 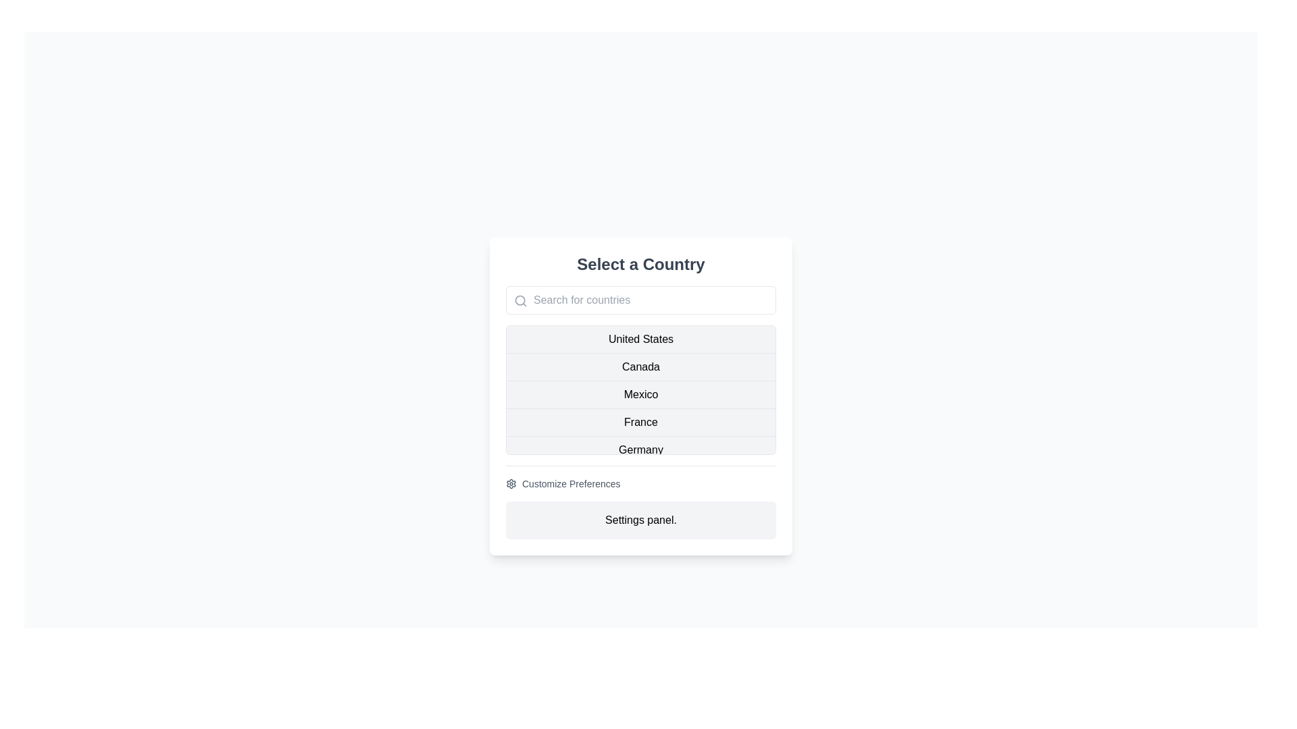 What do you see at coordinates (640, 389) in the screenshot?
I see `the country name from the static list within the 'Select a Country' card` at bounding box center [640, 389].